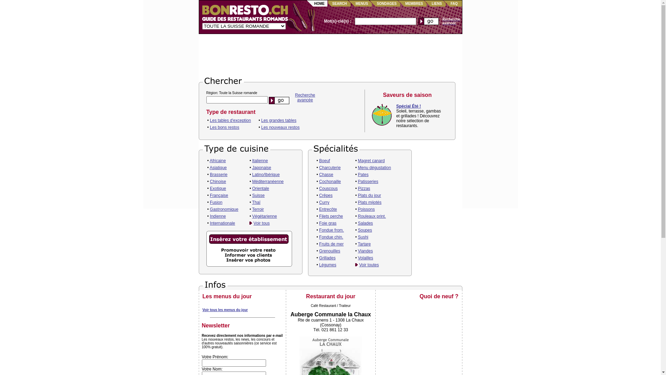 The image size is (666, 375). What do you see at coordinates (365, 258) in the screenshot?
I see `'Volailles'` at bounding box center [365, 258].